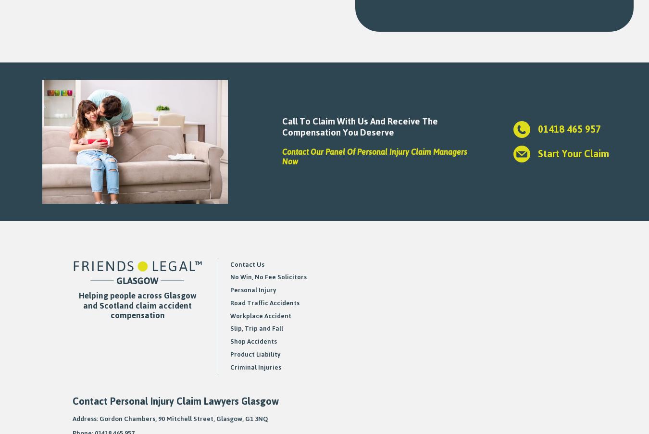  I want to click on 'Start Your Claim', so click(573, 153).